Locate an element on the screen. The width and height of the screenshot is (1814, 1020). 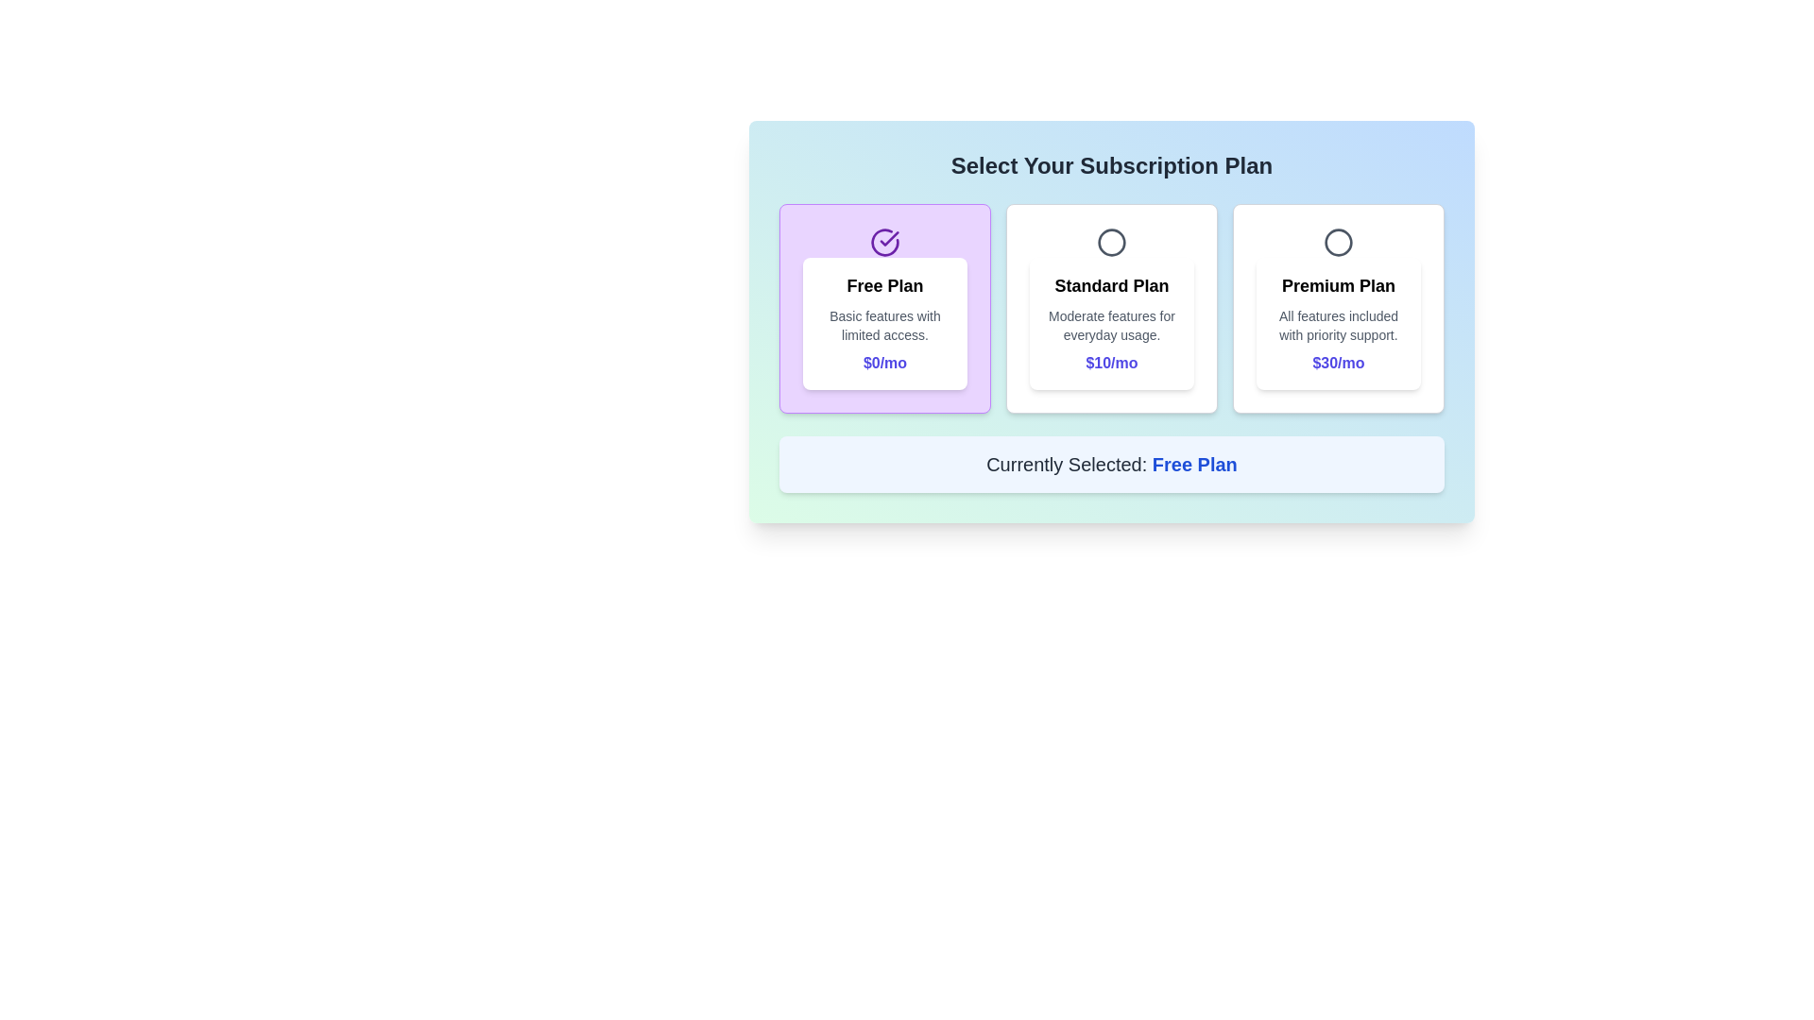
the circular selection indicator located at the top right corner of the 'Standard Plan' card, which has a gray stroke outline and no fill, indicating an inactive status is located at coordinates (1111, 242).